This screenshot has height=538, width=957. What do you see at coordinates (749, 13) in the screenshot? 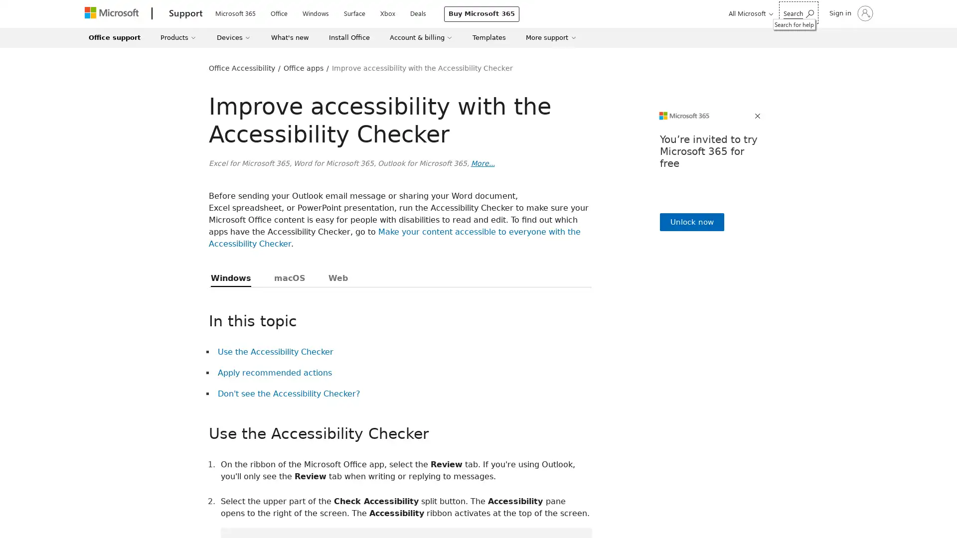
I see `All Microsoft expand to see list of Microsoft products and services` at bounding box center [749, 13].